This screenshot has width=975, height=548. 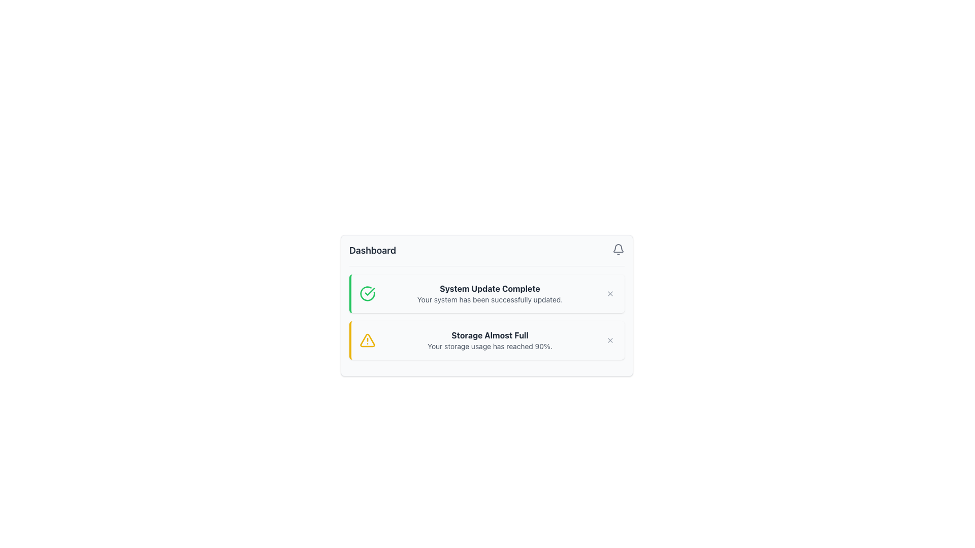 I want to click on the notification icon located in the top-right corner of the 'Dashboard' header section, so click(x=618, y=250).